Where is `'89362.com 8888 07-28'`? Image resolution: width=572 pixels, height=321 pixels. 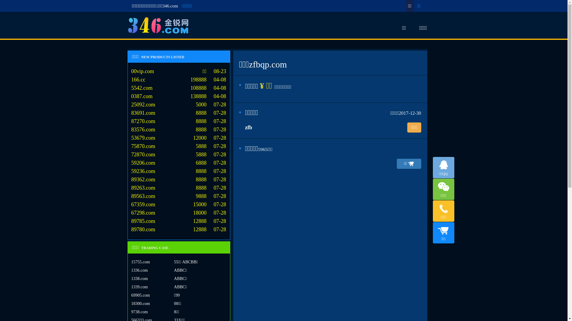
'89362.com 8888 07-28' is located at coordinates (178, 182).